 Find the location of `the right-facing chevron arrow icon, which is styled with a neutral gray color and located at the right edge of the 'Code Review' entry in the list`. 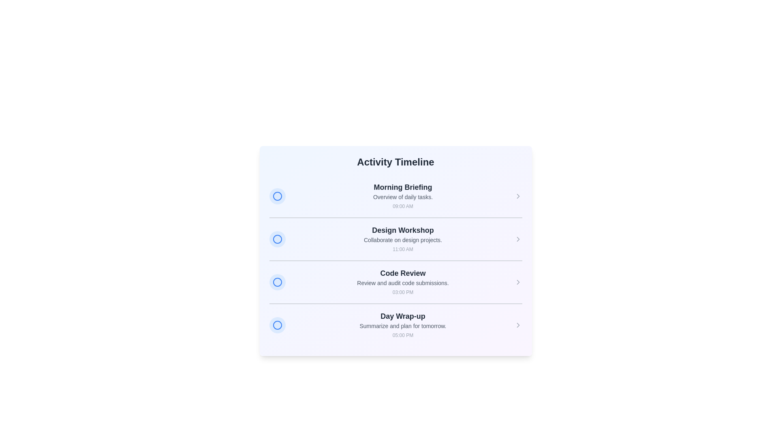

the right-facing chevron arrow icon, which is styled with a neutral gray color and located at the right edge of the 'Code Review' entry in the list is located at coordinates (517, 281).